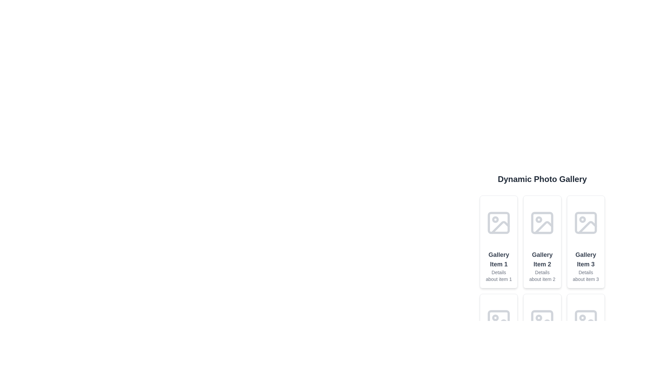 Image resolution: width=651 pixels, height=366 pixels. Describe the element at coordinates (585, 223) in the screenshot. I see `the decorative rounded rectangle shape within the icon of the third gallery card labeled 'Gallery Item 3' in the top row of the Dynamic Photo Gallery` at that location.